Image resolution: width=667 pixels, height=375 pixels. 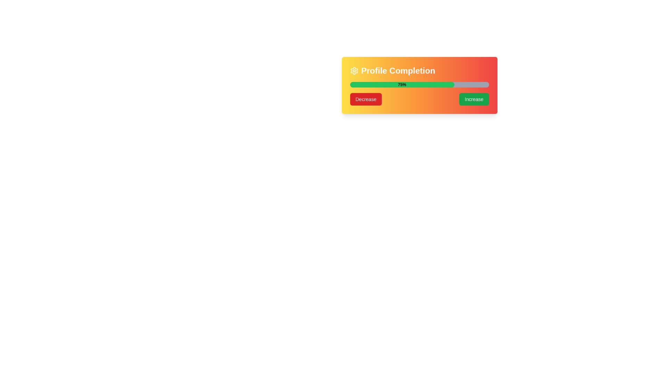 What do you see at coordinates (474, 99) in the screenshot?
I see `the 'Increase' button located to the right of the 'Decrease' button` at bounding box center [474, 99].